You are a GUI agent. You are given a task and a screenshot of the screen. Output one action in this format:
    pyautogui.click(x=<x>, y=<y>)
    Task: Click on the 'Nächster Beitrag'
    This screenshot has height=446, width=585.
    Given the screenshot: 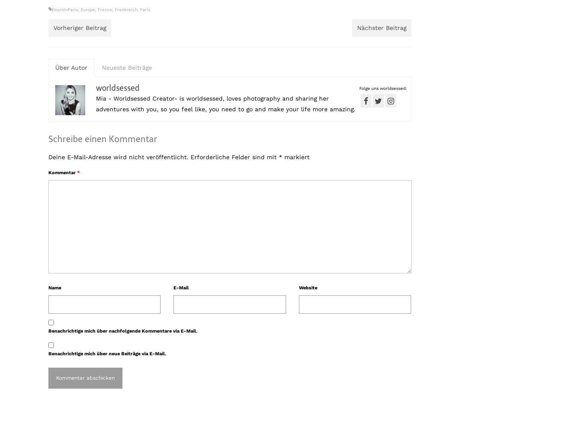 What is the action you would take?
    pyautogui.click(x=381, y=27)
    